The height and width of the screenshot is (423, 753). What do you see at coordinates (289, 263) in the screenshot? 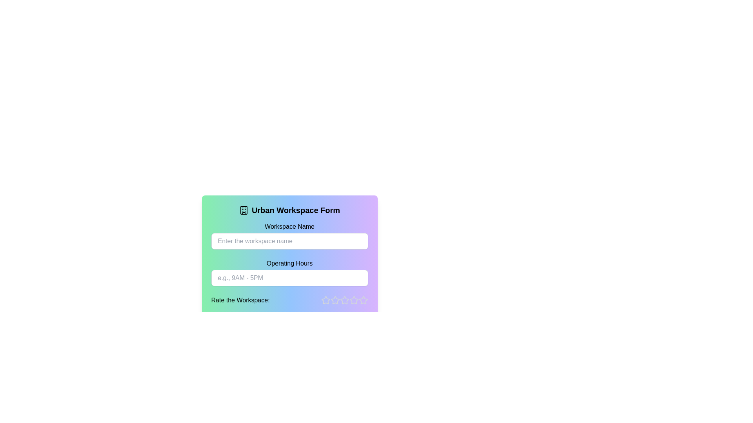
I see `the Text label that provides context for the operating hours input field, positioned horizontally centered above the placeholder text input 'e.g., 9AM - 5PM'` at bounding box center [289, 263].